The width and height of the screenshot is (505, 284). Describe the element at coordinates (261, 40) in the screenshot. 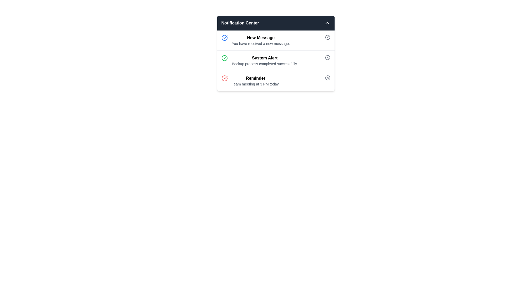

I see `text from the 'New Message' notification entry in the Notification Center which includes the header 'New Message' and the subtext 'You have received a new message.'` at that location.